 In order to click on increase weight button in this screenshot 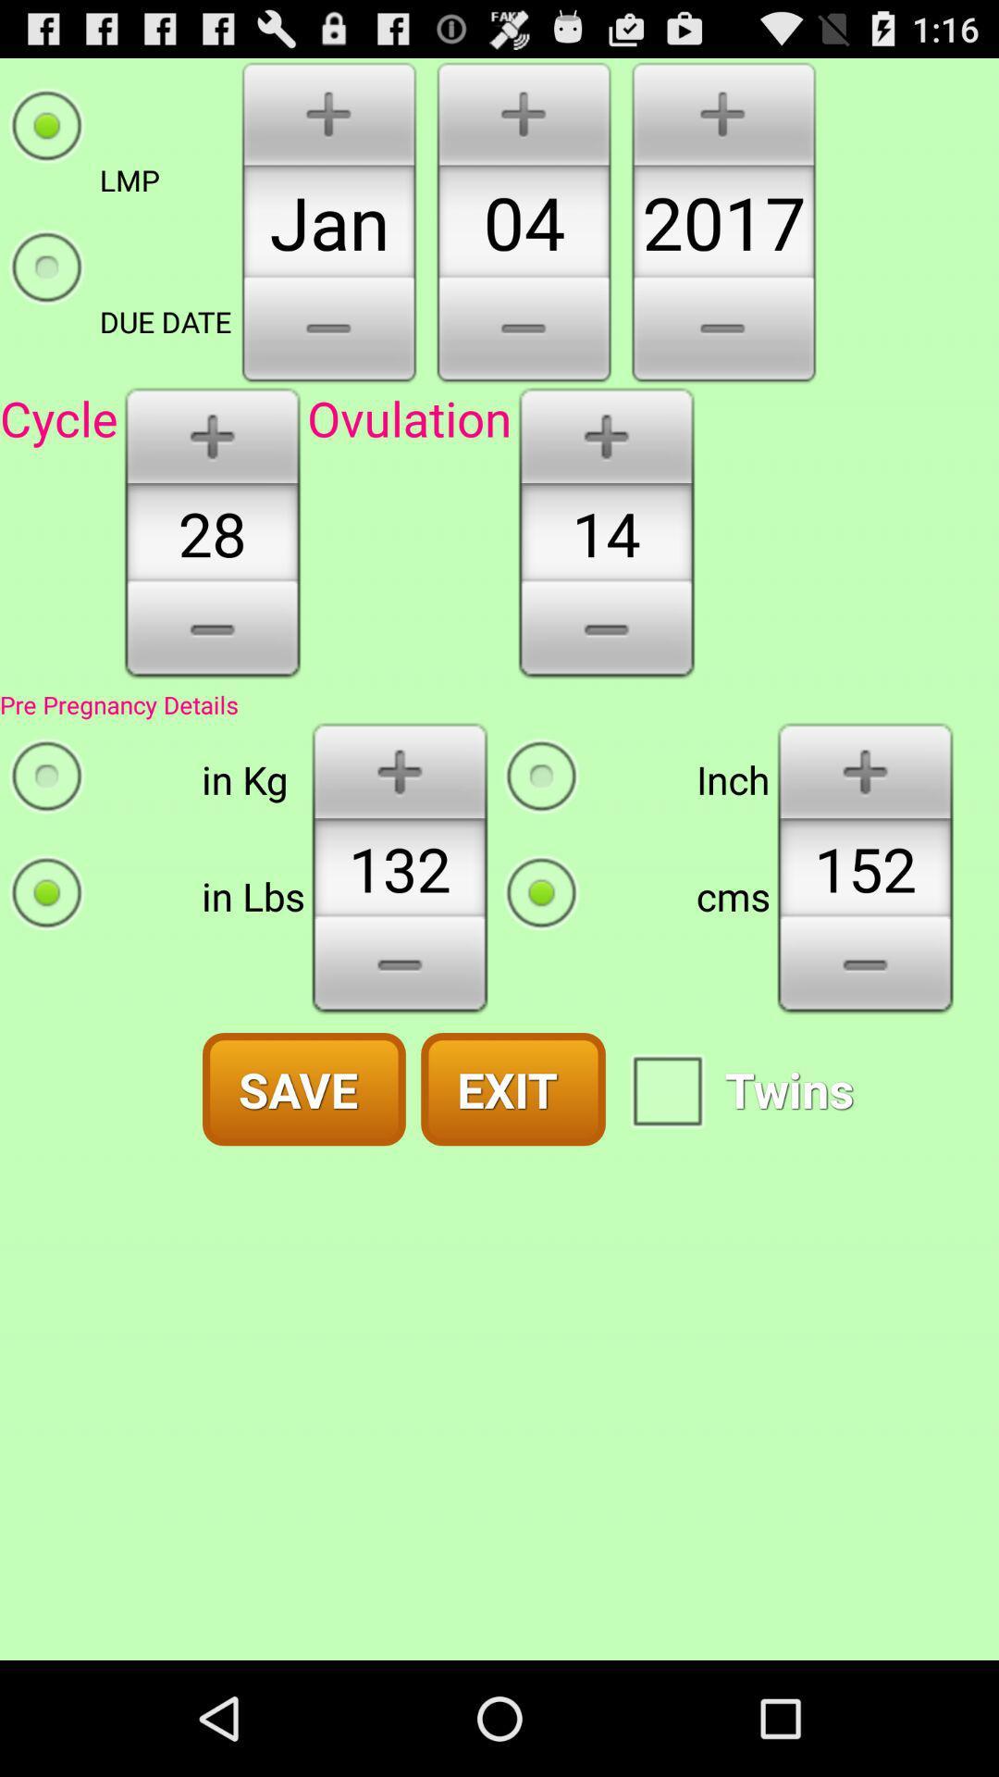, I will do `click(399, 769)`.